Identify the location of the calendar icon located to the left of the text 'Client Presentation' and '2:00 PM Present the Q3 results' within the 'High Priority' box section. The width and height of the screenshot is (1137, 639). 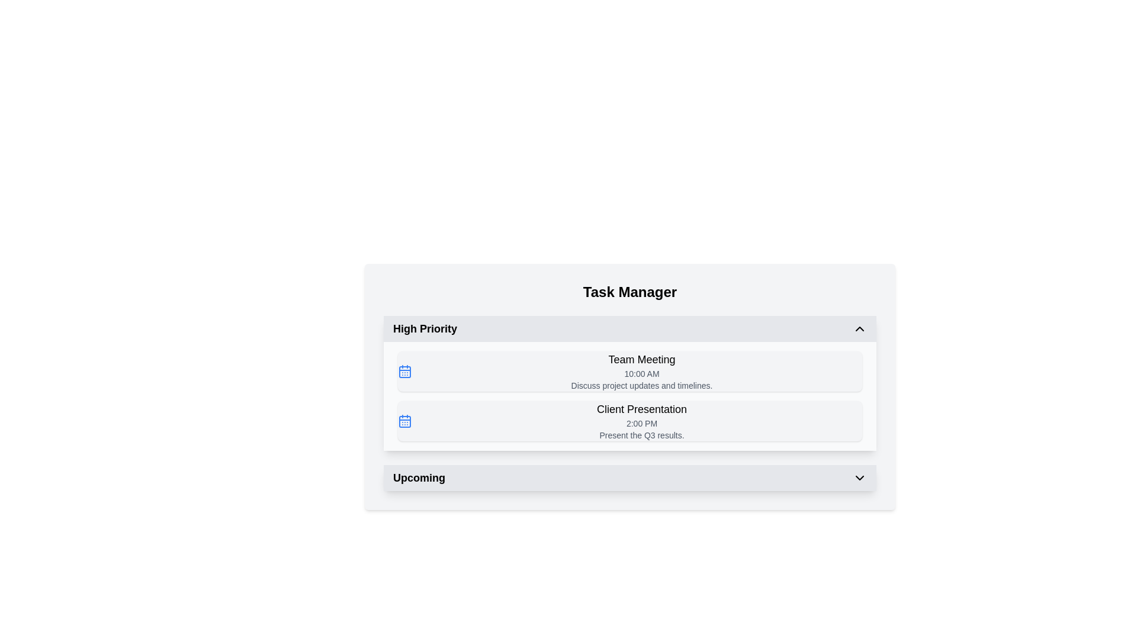
(405, 421).